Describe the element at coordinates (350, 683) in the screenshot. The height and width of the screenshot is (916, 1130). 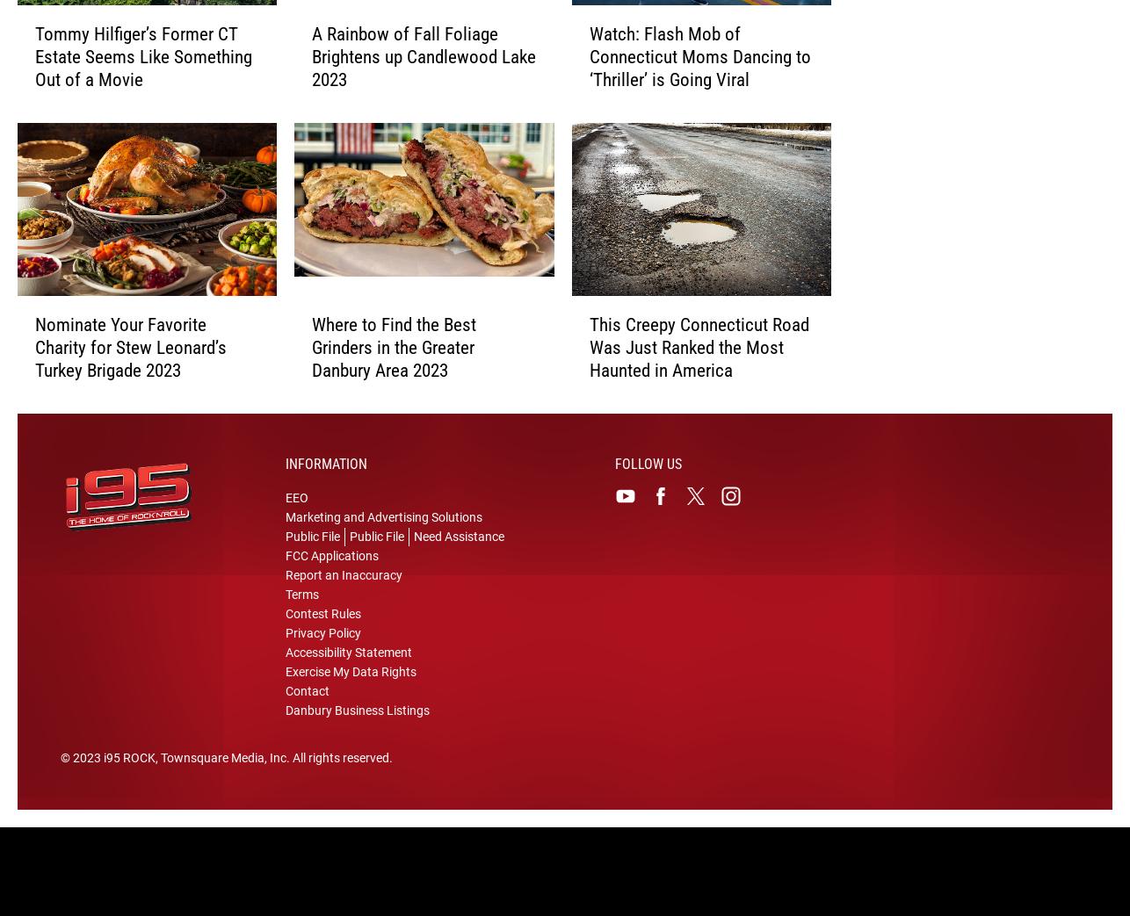
I see `'Exercise My Data Rights'` at that location.